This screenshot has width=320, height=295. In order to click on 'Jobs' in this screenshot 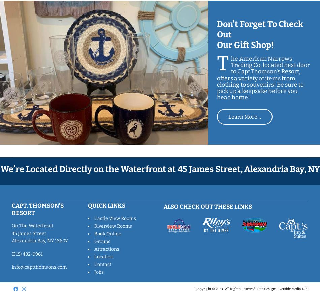, I will do `click(98, 271)`.